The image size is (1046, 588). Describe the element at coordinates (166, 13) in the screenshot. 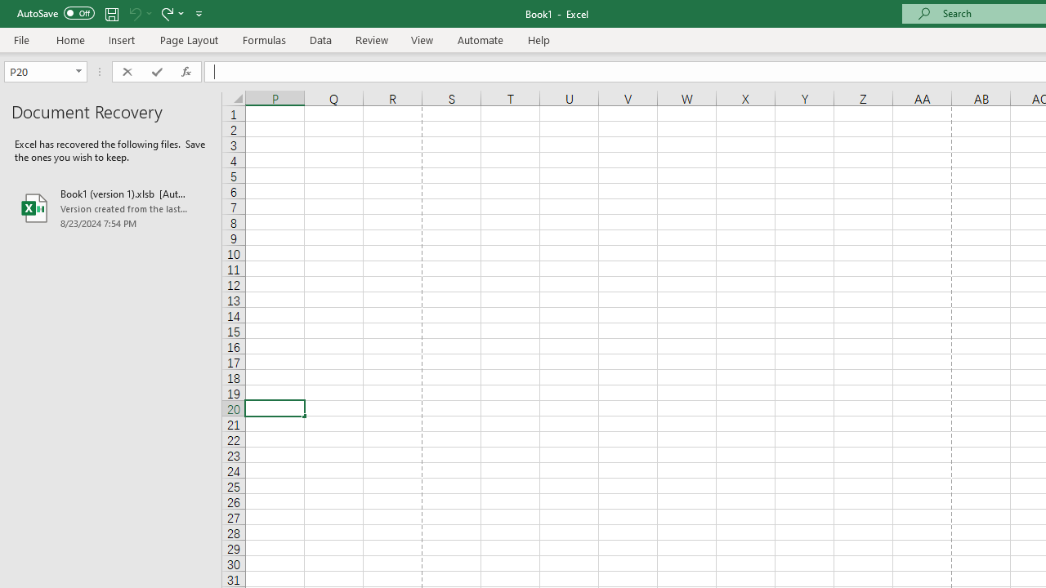

I see `'Redo'` at that location.